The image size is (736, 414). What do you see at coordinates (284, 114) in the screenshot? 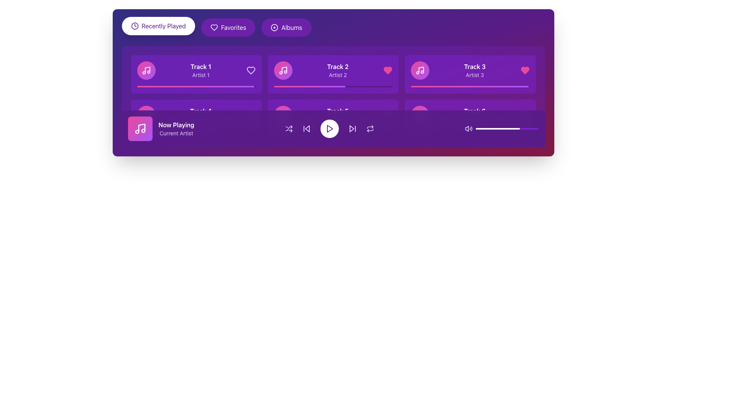
I see `the vector graphic part of the musical note icon, which appears as a vertical line with an upward slant` at bounding box center [284, 114].